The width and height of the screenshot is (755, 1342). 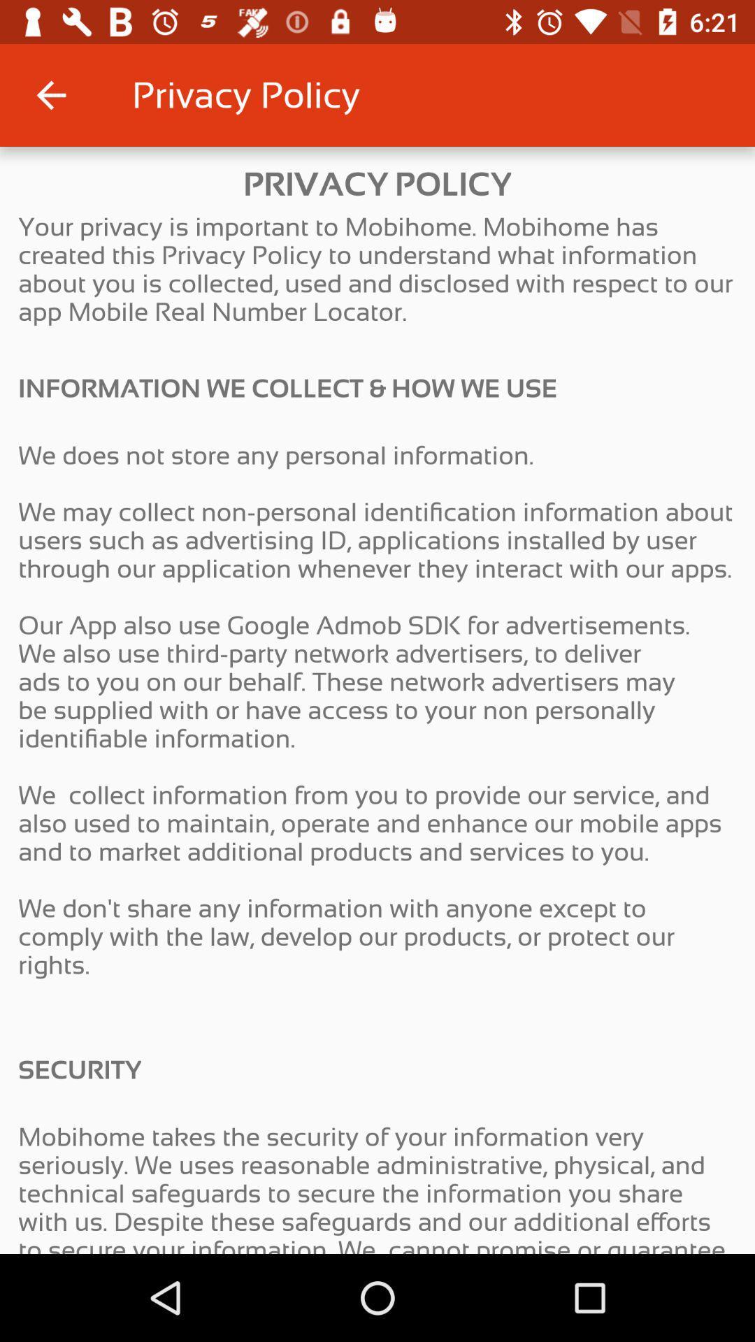 I want to click on the app next to the privacy policy app, so click(x=50, y=94).